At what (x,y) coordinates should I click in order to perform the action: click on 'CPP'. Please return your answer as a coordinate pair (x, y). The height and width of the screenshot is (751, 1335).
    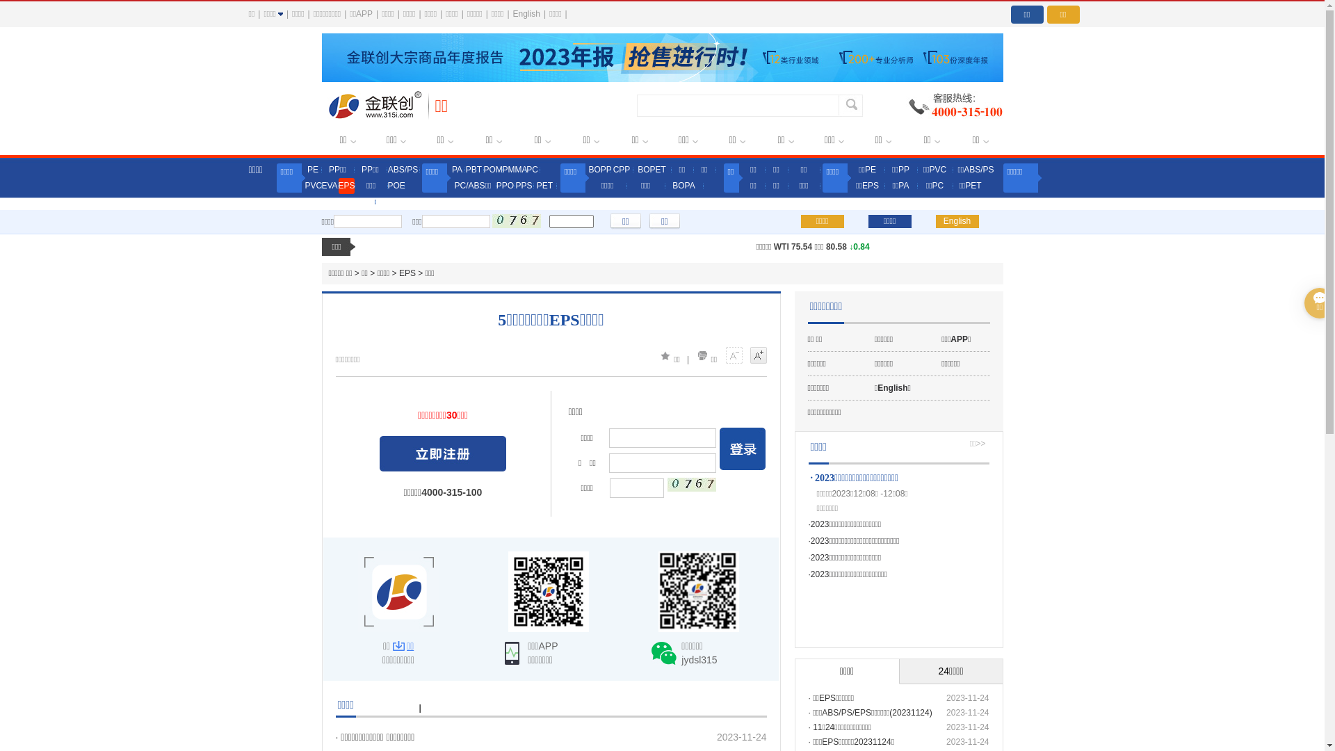
    Looking at the image, I should click on (620, 169).